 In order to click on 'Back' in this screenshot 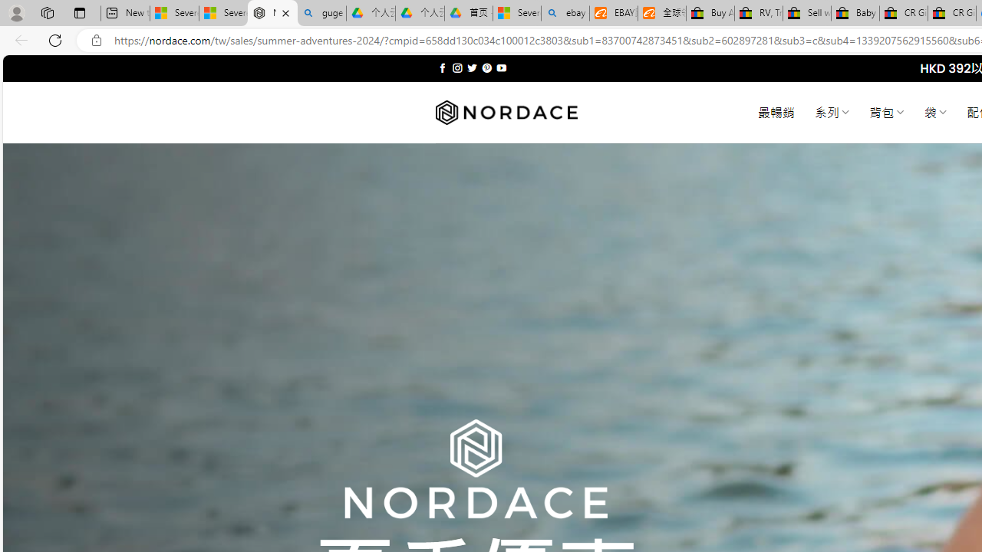, I will do `click(18, 39)`.